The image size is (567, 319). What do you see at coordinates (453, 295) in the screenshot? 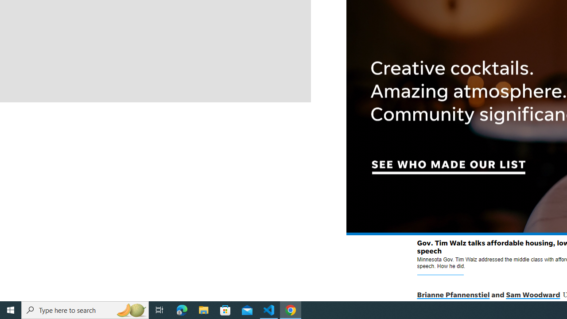
I see `'Brianne Pfannenstiel'` at bounding box center [453, 295].